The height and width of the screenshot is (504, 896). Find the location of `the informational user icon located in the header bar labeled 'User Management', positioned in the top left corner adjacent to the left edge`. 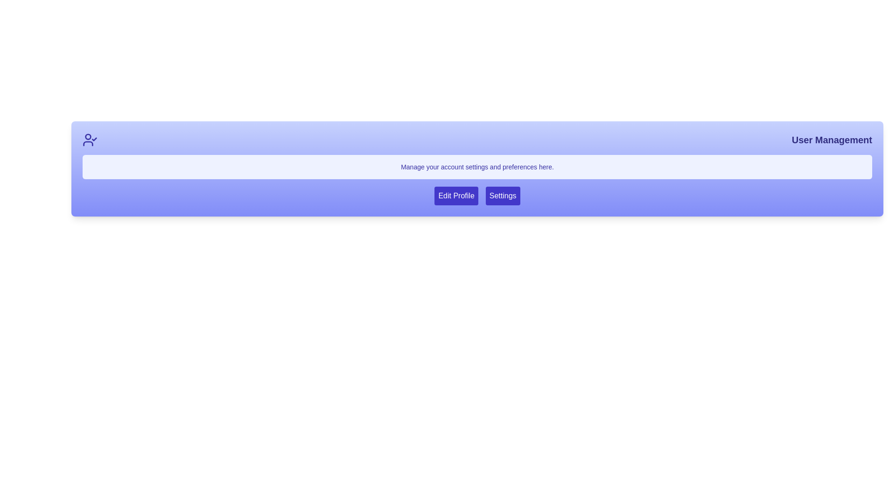

the informational user icon located in the header bar labeled 'User Management', positioned in the top left corner adjacent to the left edge is located at coordinates (90, 140).